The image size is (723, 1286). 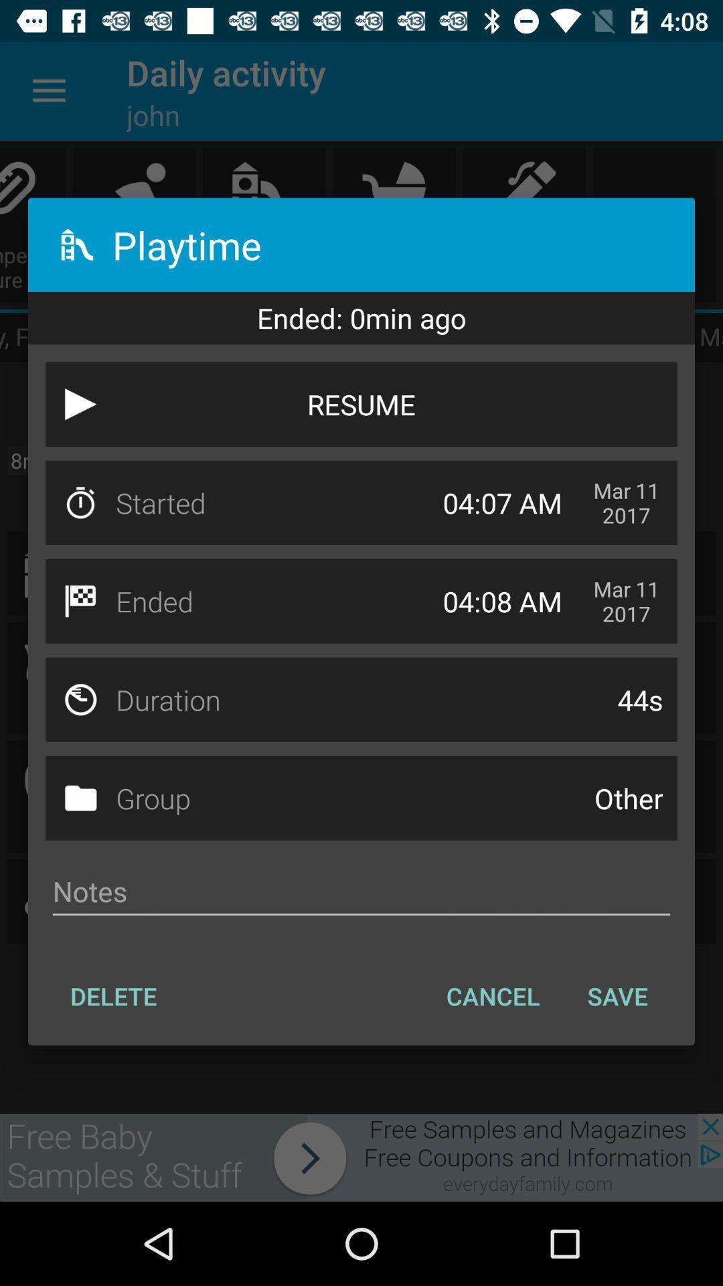 What do you see at coordinates (112, 996) in the screenshot?
I see `the delete item` at bounding box center [112, 996].